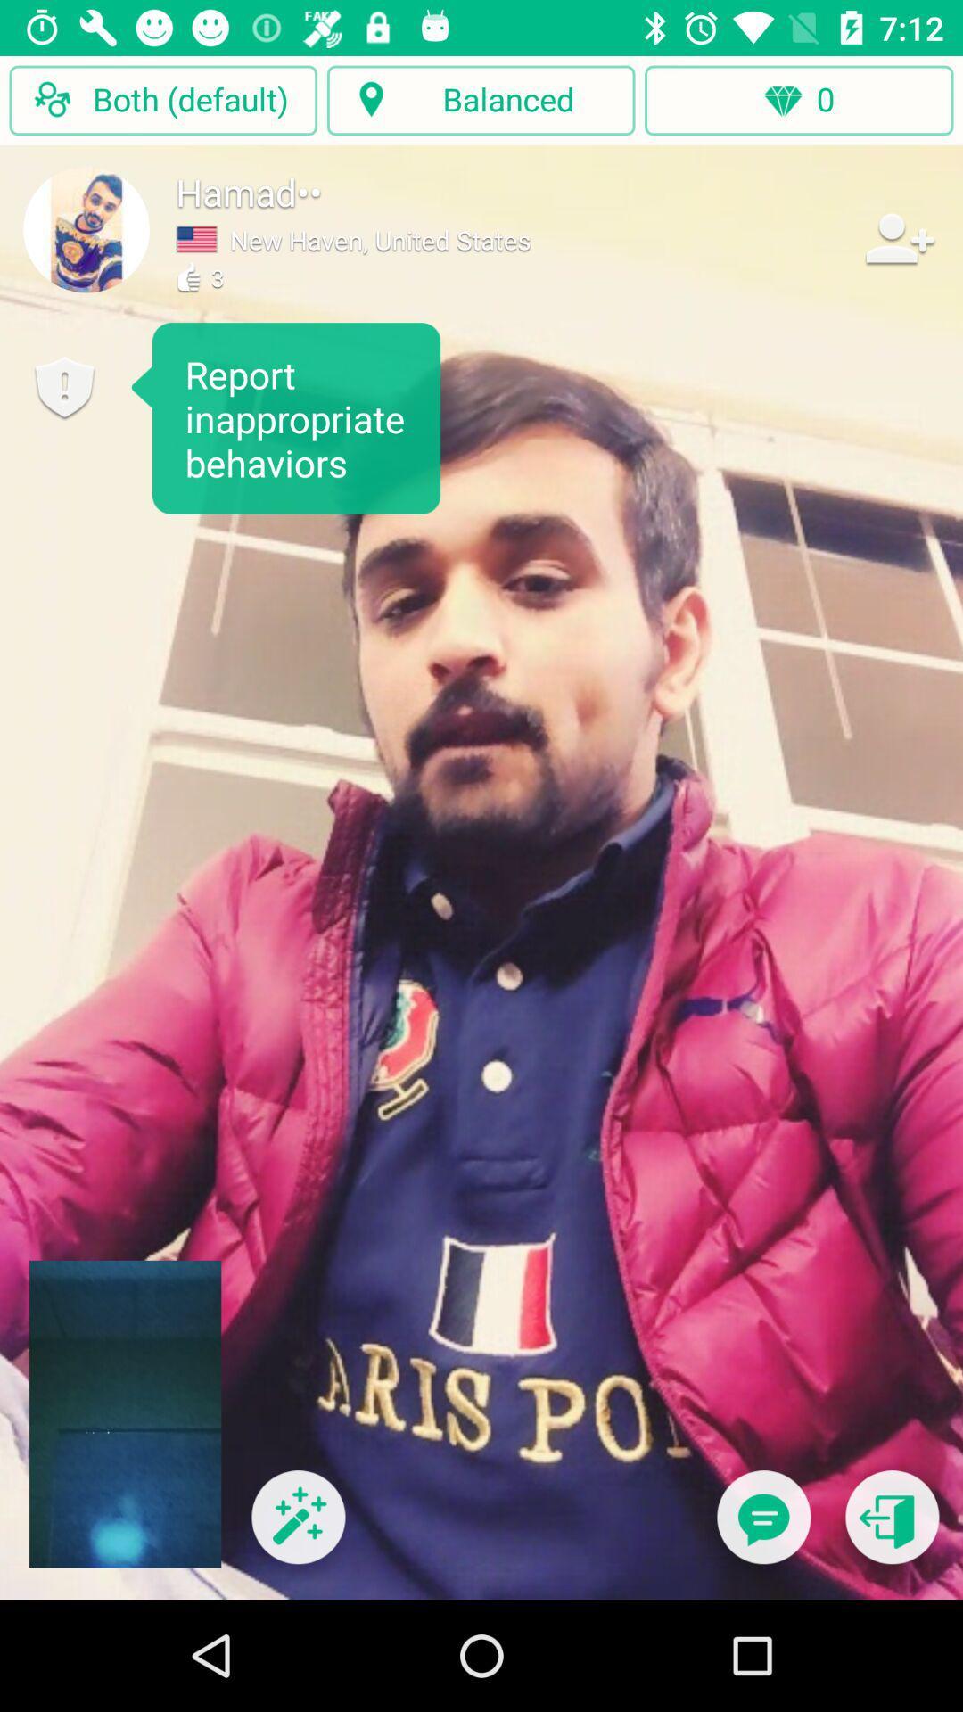 The width and height of the screenshot is (963, 1712). What do you see at coordinates (898, 237) in the screenshot?
I see `the item next to new haven united item` at bounding box center [898, 237].